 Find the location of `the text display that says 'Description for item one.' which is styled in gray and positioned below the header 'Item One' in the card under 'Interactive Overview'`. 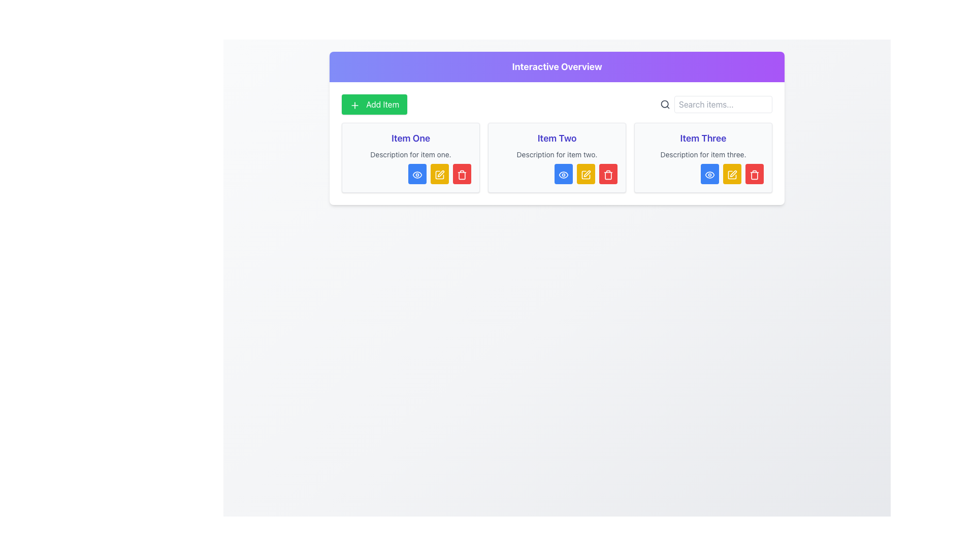

the text display that says 'Description for item one.' which is styled in gray and positioned below the header 'Item One' in the card under 'Interactive Overview' is located at coordinates (411, 154).